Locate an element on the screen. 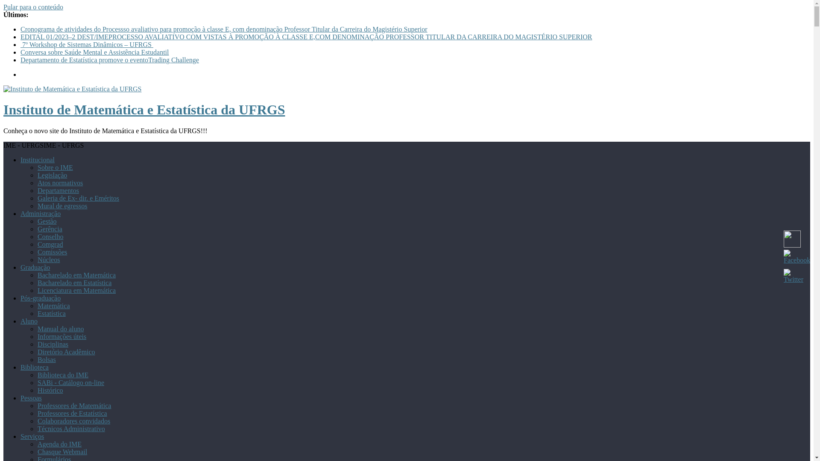 This screenshot has height=461, width=820. 'Bolsas' is located at coordinates (37, 359).